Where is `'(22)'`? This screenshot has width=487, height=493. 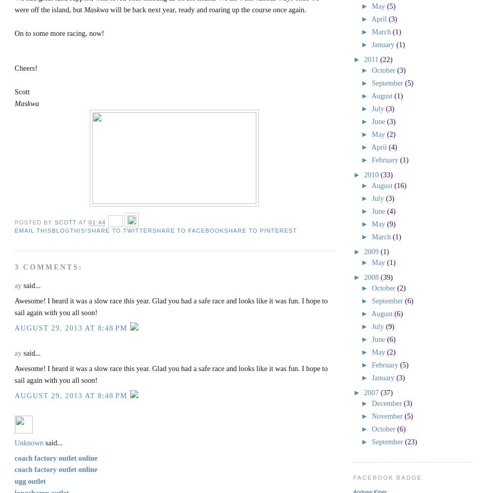 '(22)' is located at coordinates (385, 59).